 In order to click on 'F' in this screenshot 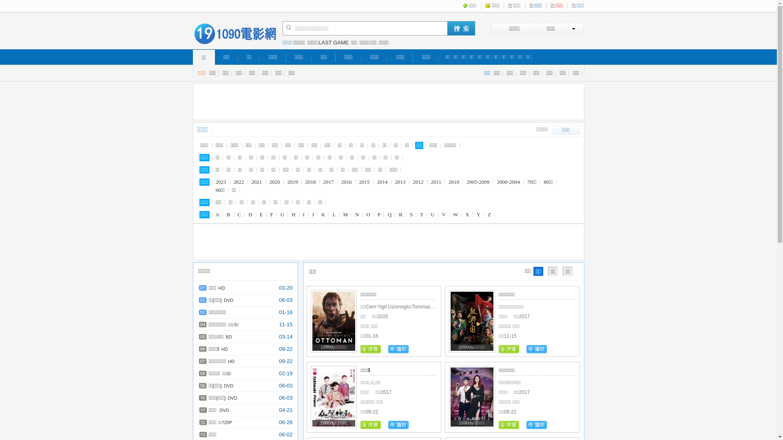, I will do `click(272, 214)`.